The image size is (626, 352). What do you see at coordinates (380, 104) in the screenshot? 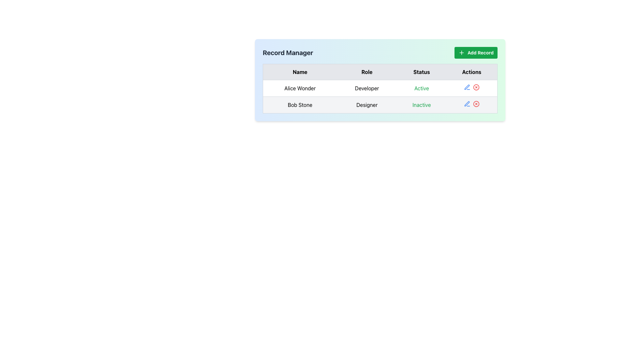
I see `the second row in the table displaying information about 'Bob Stone', which includes his Name, Role, and Status` at bounding box center [380, 104].